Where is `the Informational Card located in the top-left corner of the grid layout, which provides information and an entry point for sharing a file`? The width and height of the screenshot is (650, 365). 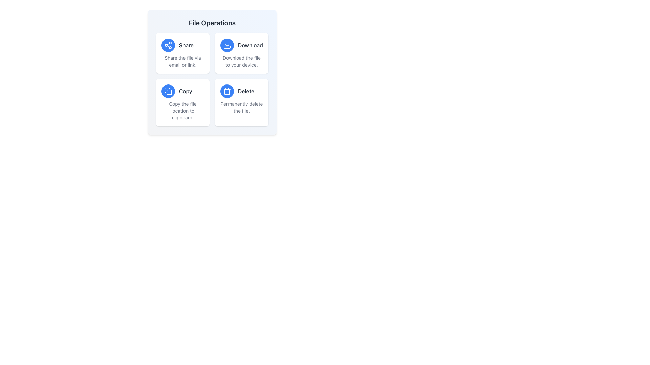 the Informational Card located in the top-left corner of the grid layout, which provides information and an entry point for sharing a file is located at coordinates (182, 53).